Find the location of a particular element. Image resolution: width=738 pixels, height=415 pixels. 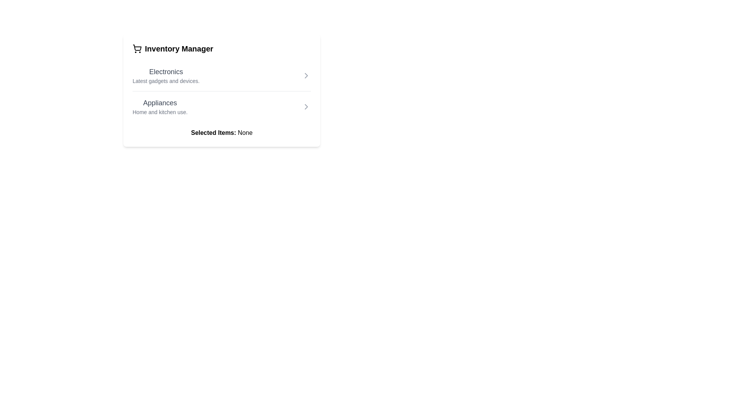

the descriptive text label for the 'Electronics' category, which provides context about the types of products included in this section is located at coordinates (166, 81).